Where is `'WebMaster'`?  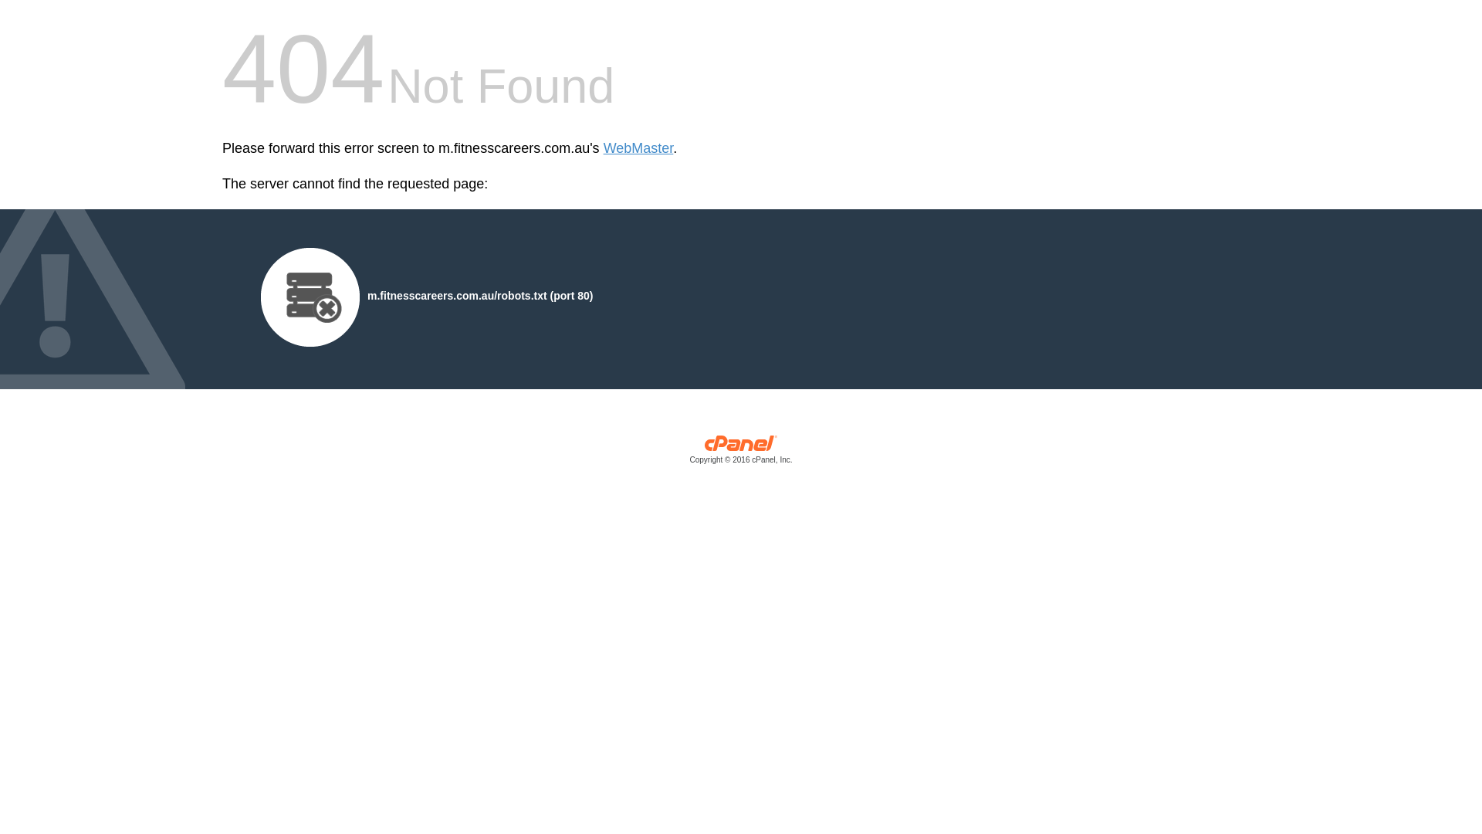
'WebMaster' is located at coordinates (638, 148).